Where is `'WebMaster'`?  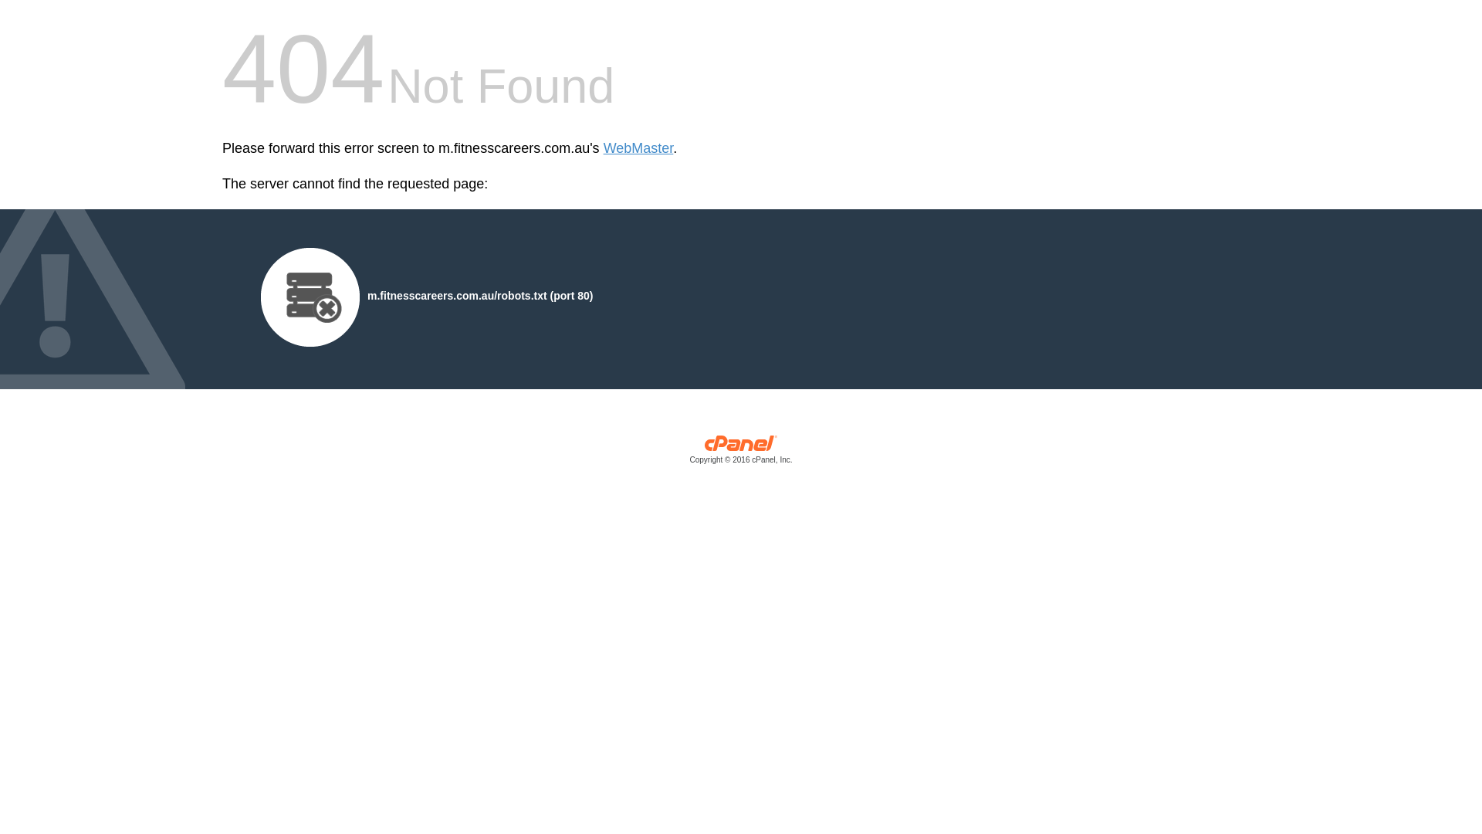
'WebMaster' is located at coordinates (638, 148).